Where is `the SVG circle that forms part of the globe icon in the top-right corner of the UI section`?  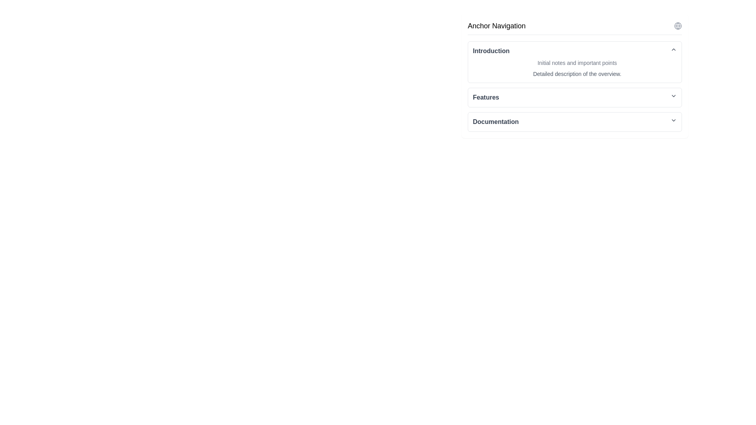 the SVG circle that forms part of the globe icon in the top-right corner of the UI section is located at coordinates (678, 25).